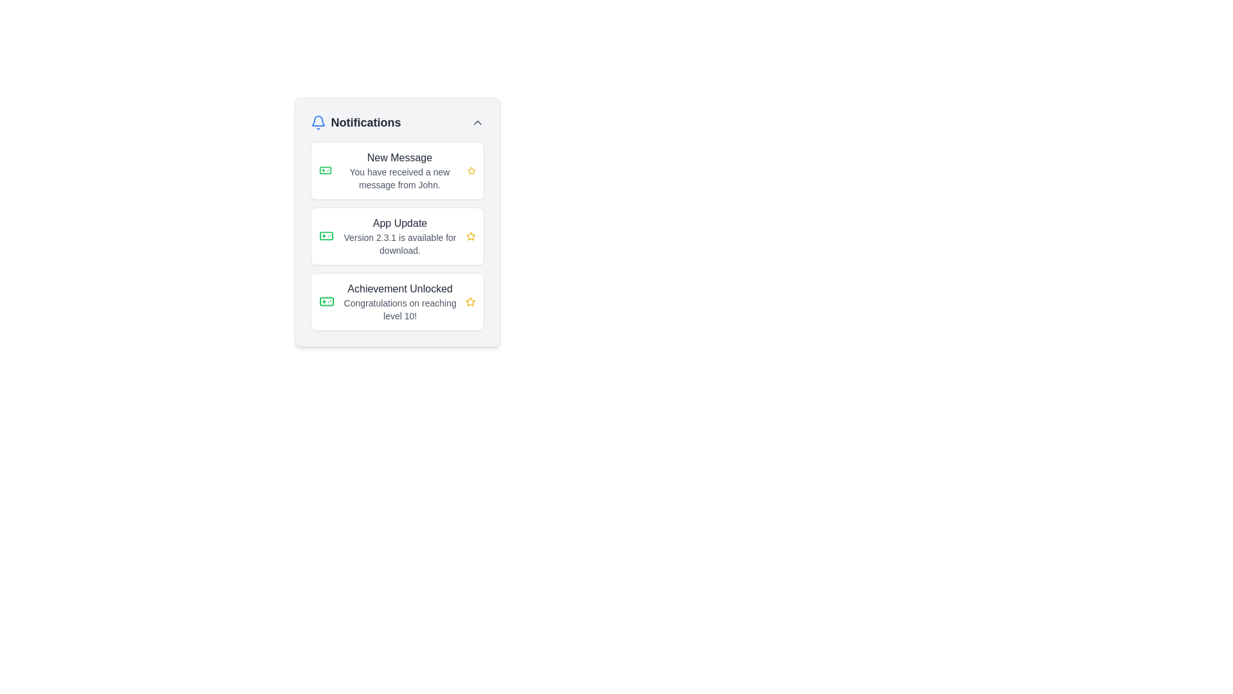 The width and height of the screenshot is (1233, 694). What do you see at coordinates (396, 170) in the screenshot?
I see `the Notification card that conveys a message received from 'John', located at the top of the Notifications section` at bounding box center [396, 170].